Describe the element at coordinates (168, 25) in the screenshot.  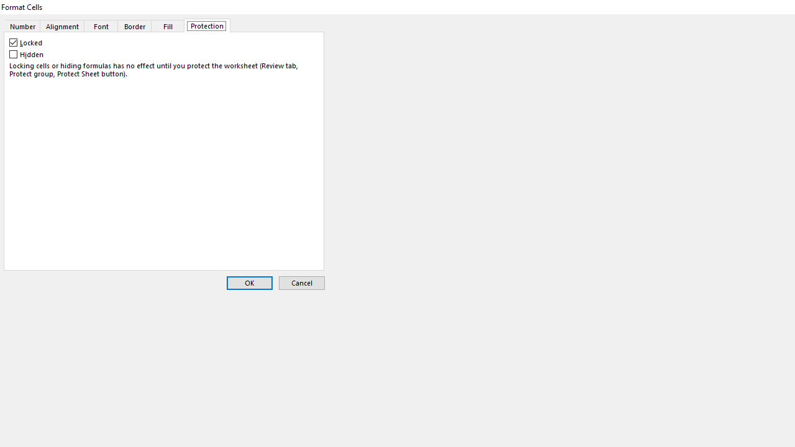
I see `'Fill'` at that location.